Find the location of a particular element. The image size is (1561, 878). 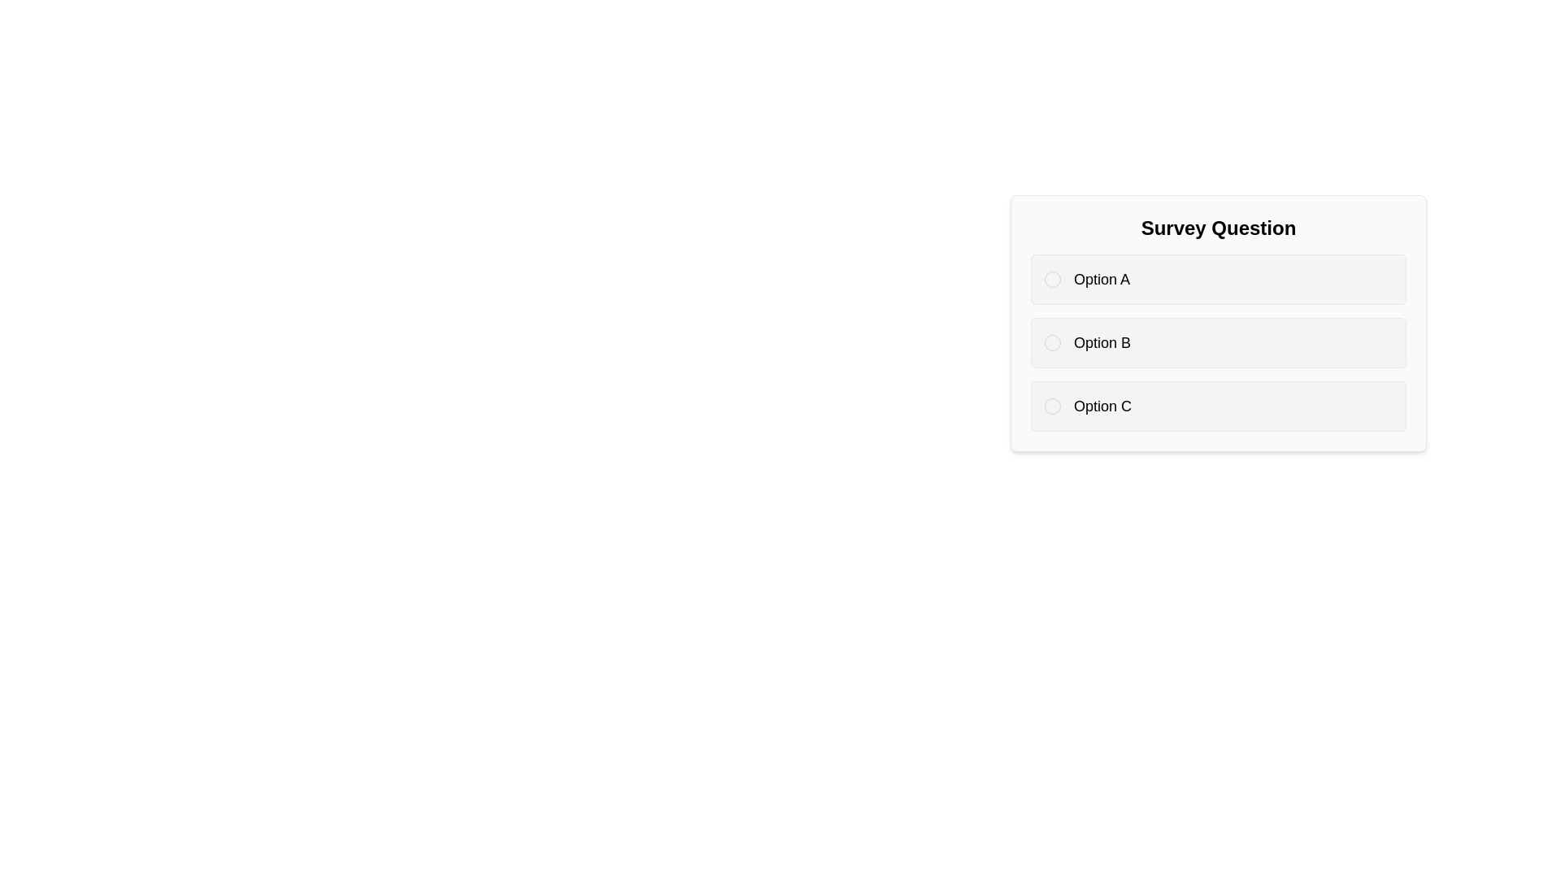

the empty circular radio button to the left of 'Option A' is located at coordinates (1053, 278).